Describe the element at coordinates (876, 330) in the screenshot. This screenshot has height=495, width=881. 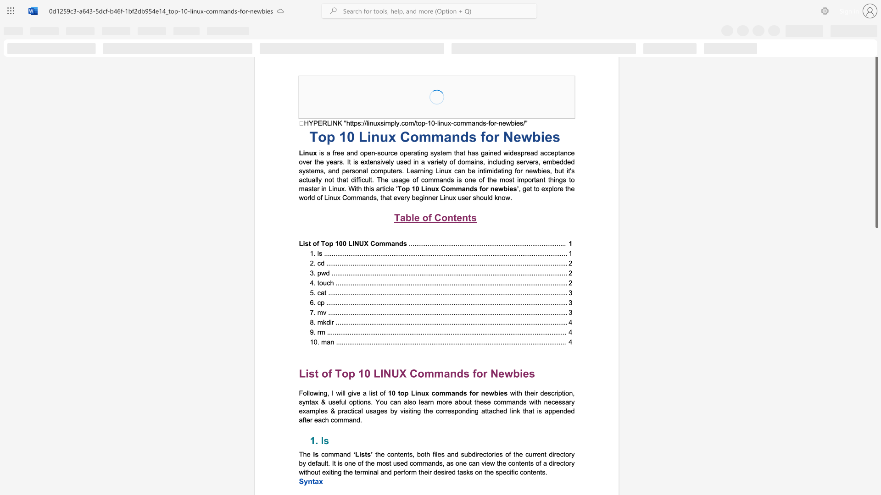
I see `the side scrollbar to bring the page down` at that location.